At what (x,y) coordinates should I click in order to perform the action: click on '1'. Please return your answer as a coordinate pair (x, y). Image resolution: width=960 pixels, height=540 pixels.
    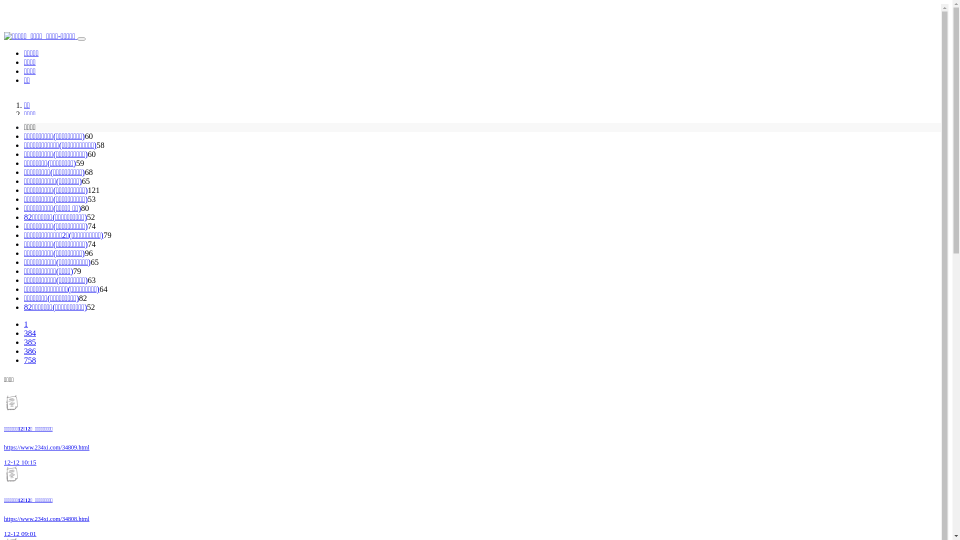
    Looking at the image, I should click on (24, 324).